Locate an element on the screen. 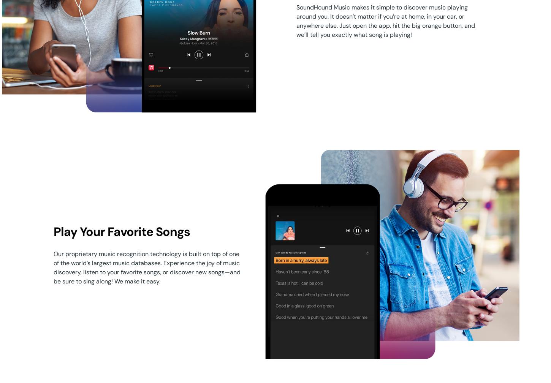 This screenshot has width=551, height=383. 'Terms' is located at coordinates (307, 345).